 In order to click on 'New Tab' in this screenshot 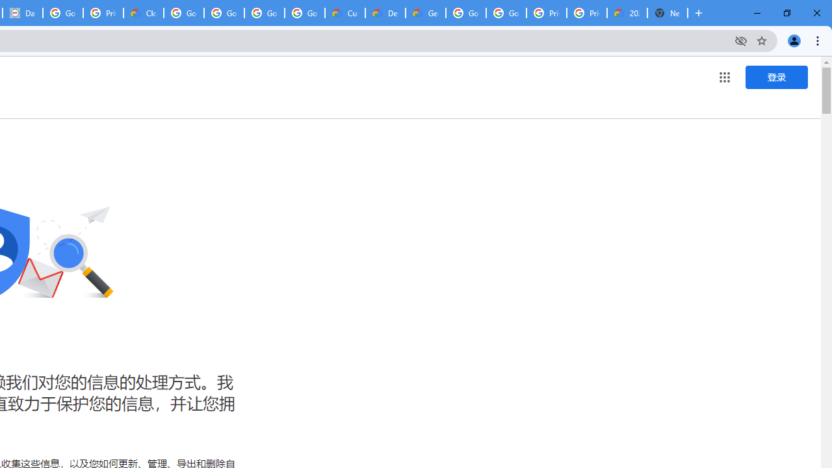, I will do `click(668, 13)`.